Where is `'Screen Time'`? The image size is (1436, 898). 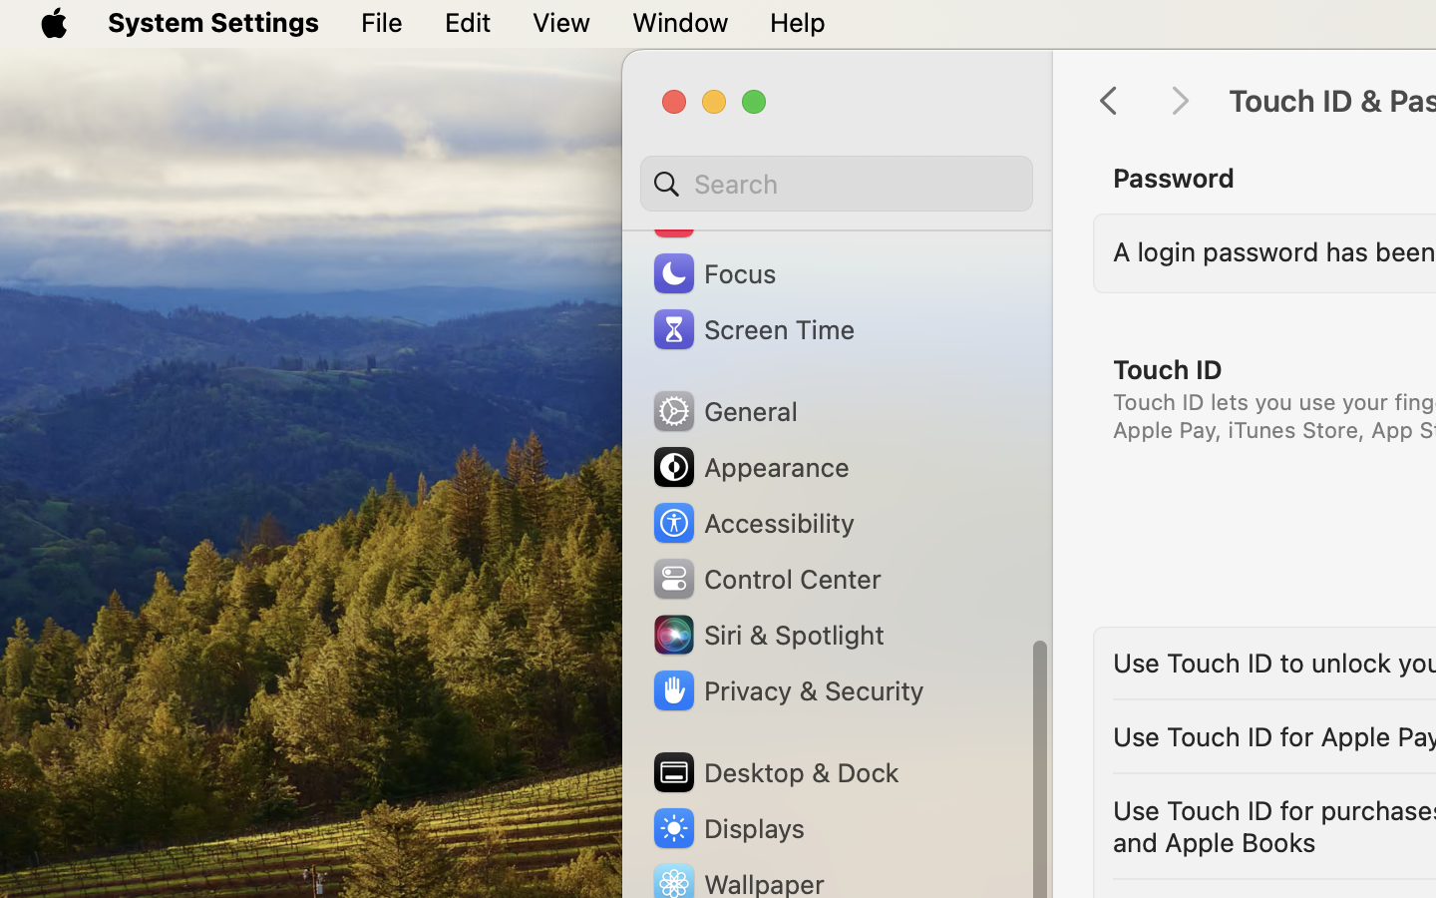
'Screen Time' is located at coordinates (751, 328).